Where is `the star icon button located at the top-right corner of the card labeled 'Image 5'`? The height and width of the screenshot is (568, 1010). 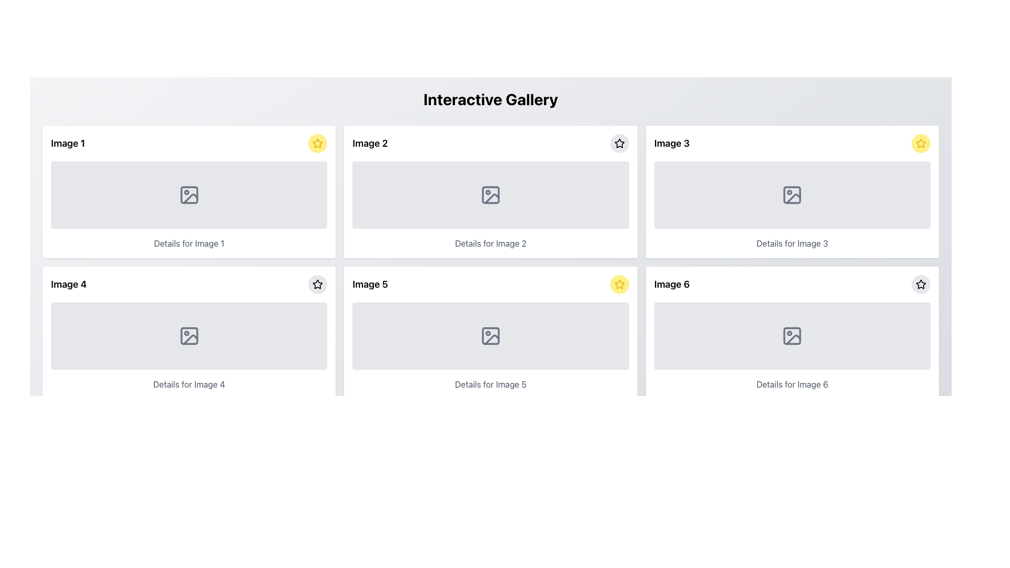
the star icon button located at the top-right corner of the card labeled 'Image 5' is located at coordinates (317, 284).